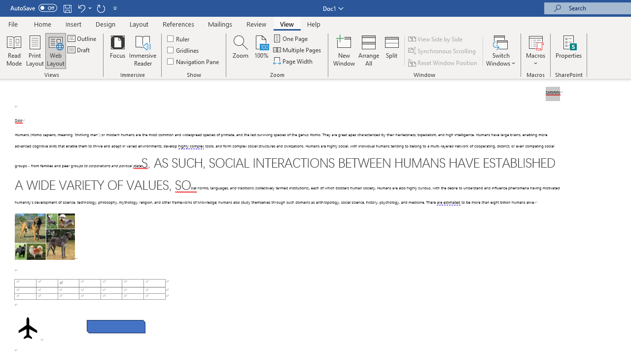  Describe the element at coordinates (568, 51) in the screenshot. I see `'Properties'` at that location.